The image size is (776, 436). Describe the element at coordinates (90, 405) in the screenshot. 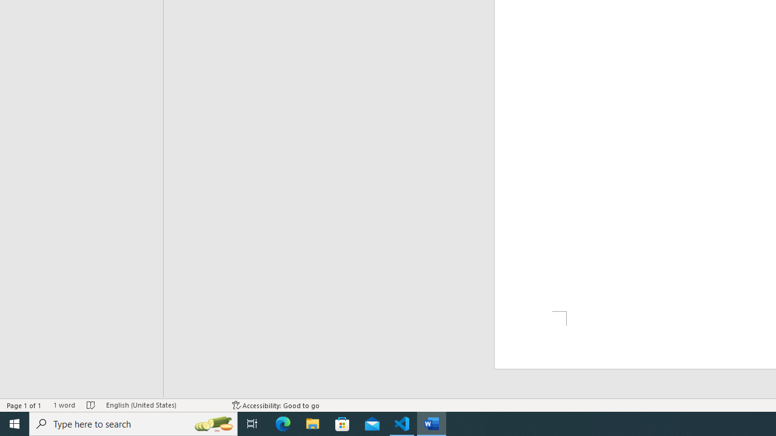

I see `'Spelling and Grammar Check No Errors'` at that location.